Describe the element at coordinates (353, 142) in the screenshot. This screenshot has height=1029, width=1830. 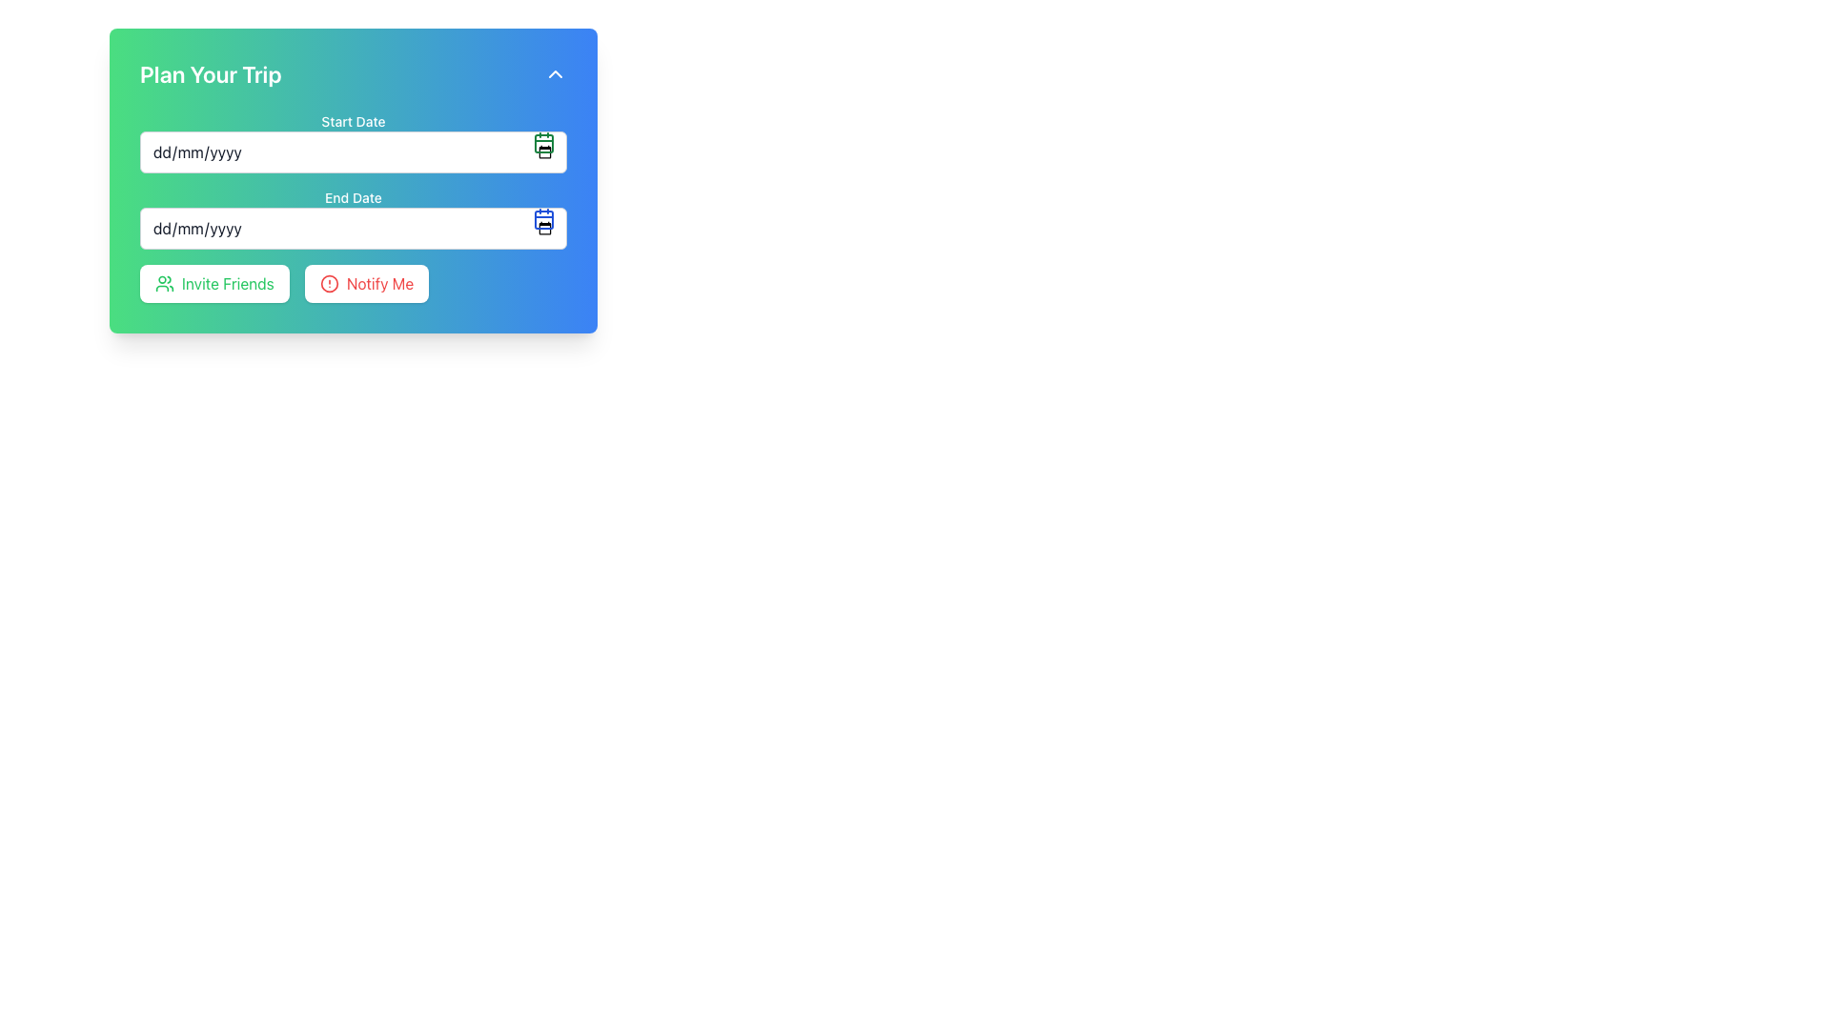
I see `the 'Start Date' date input field to focus it for user input` at that location.